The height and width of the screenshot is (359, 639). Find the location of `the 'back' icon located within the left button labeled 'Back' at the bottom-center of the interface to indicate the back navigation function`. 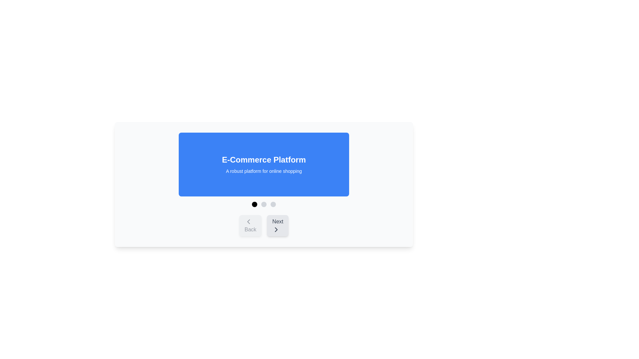

the 'back' icon located within the left button labeled 'Back' at the bottom-center of the interface to indicate the back navigation function is located at coordinates (248, 222).